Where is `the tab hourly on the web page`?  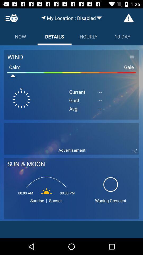
the tab hourly on the web page is located at coordinates (88, 36).